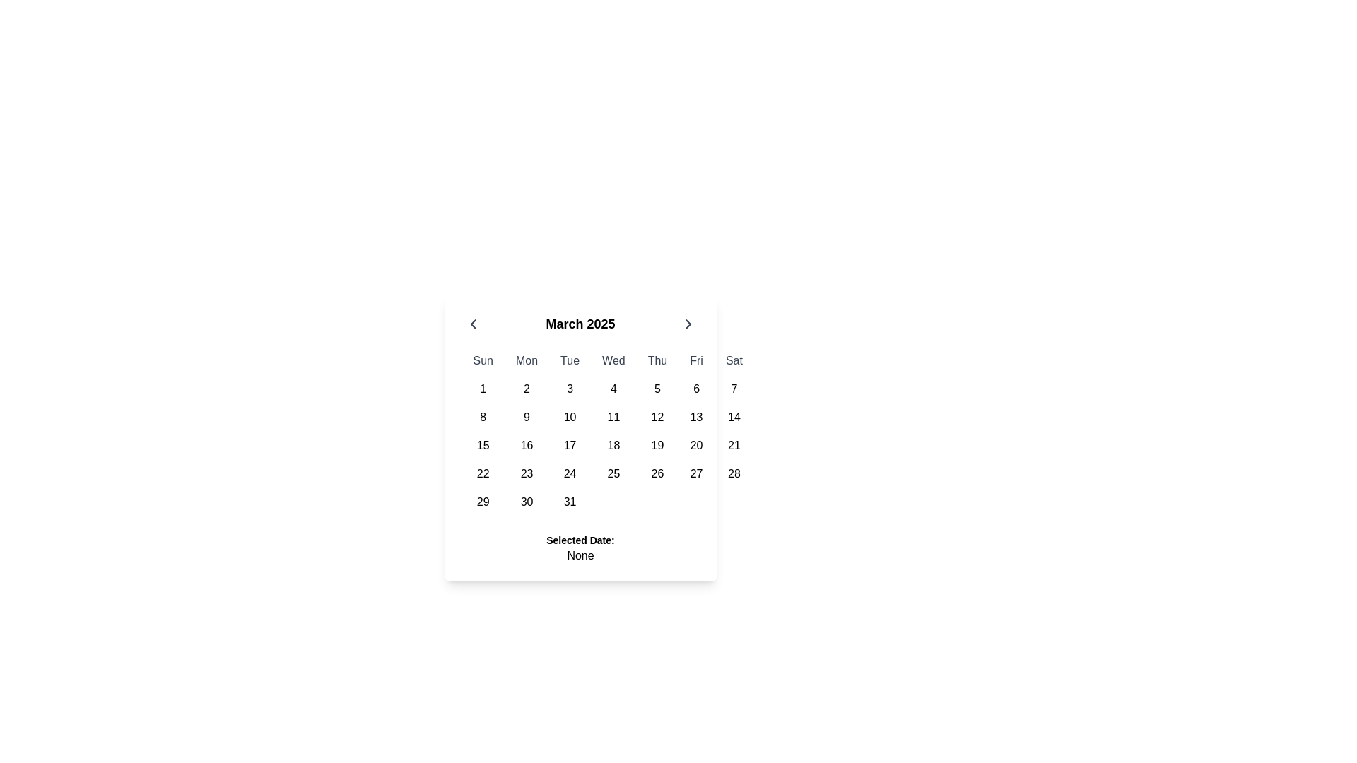 The image size is (1357, 763). I want to click on the Calendar date cell displaying the date '21', which is a rounded button styled element located at the end of the week in the calendar grid, so click(734, 446).